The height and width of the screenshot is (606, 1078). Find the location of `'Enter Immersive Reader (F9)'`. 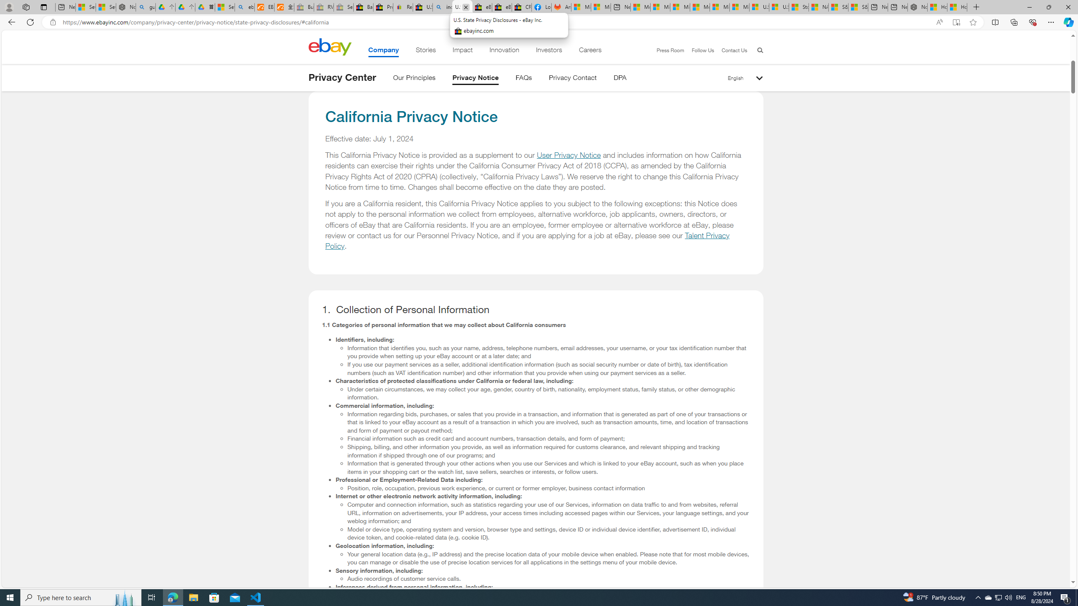

'Enter Immersive Reader (F9)' is located at coordinates (956, 22).